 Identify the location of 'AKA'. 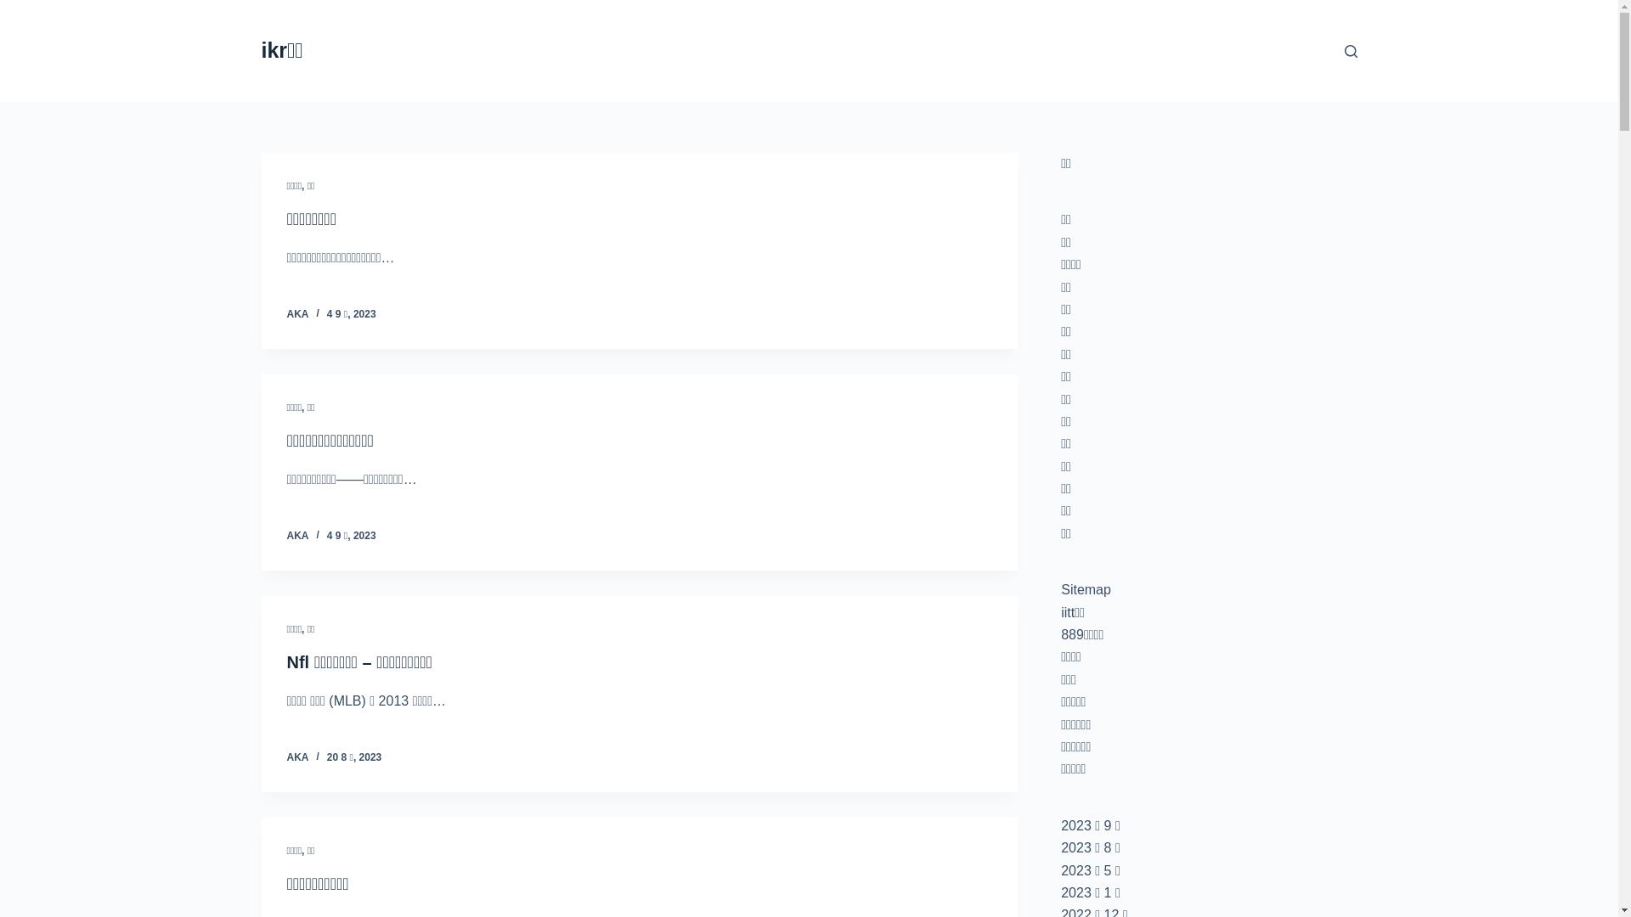
(297, 314).